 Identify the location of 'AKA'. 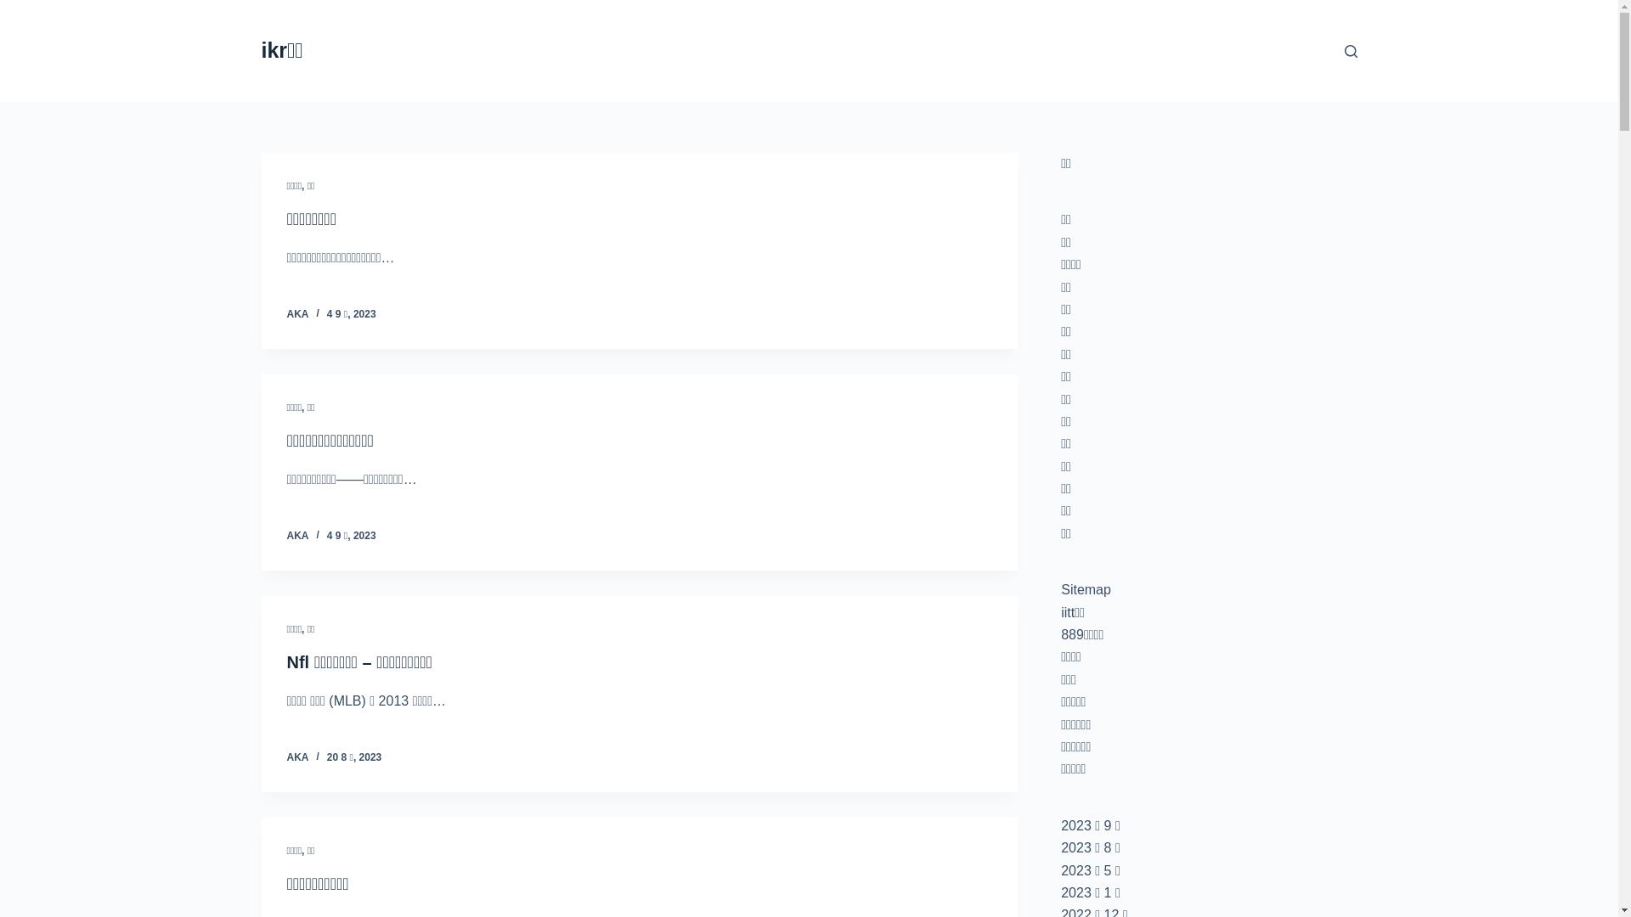
(297, 314).